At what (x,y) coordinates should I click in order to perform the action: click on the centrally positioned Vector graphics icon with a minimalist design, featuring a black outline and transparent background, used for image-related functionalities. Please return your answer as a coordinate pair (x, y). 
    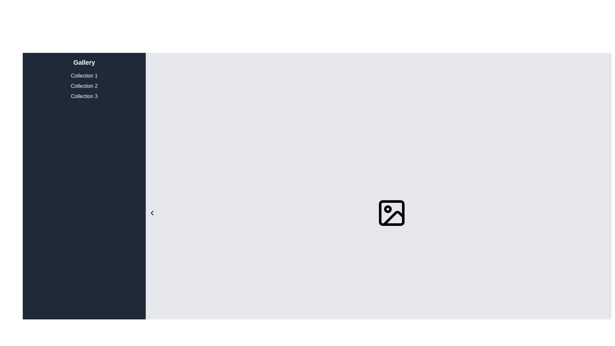
    Looking at the image, I should click on (391, 213).